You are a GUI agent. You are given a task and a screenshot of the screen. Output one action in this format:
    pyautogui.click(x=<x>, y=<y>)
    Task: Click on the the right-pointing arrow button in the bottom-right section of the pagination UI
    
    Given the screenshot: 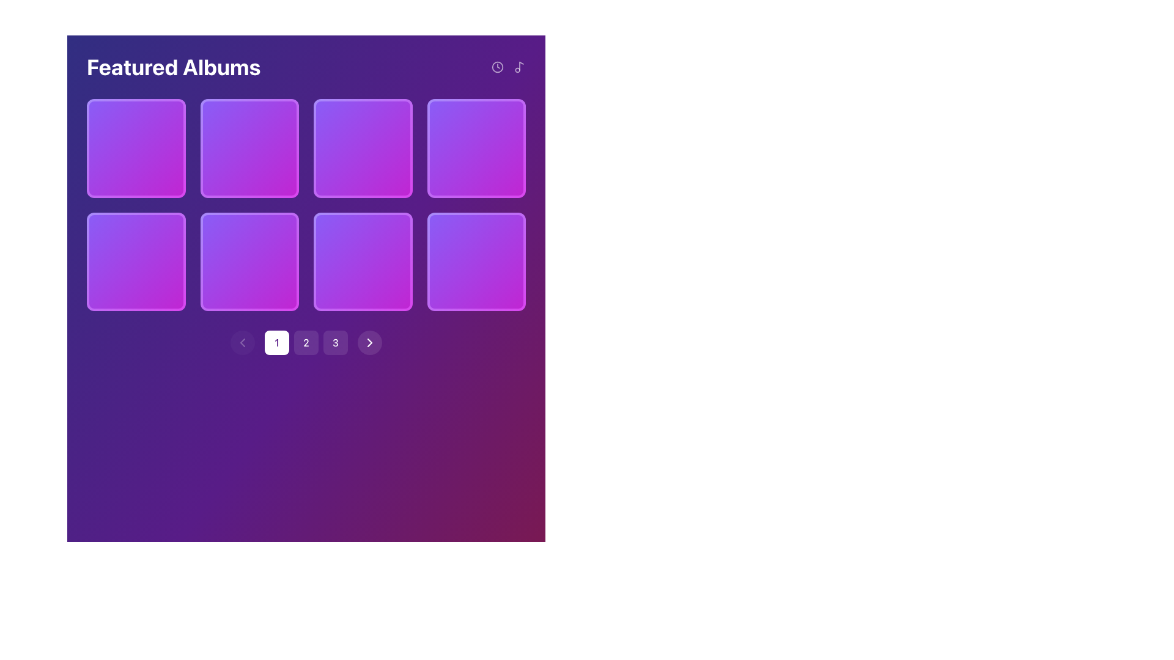 What is the action you would take?
    pyautogui.click(x=369, y=342)
    